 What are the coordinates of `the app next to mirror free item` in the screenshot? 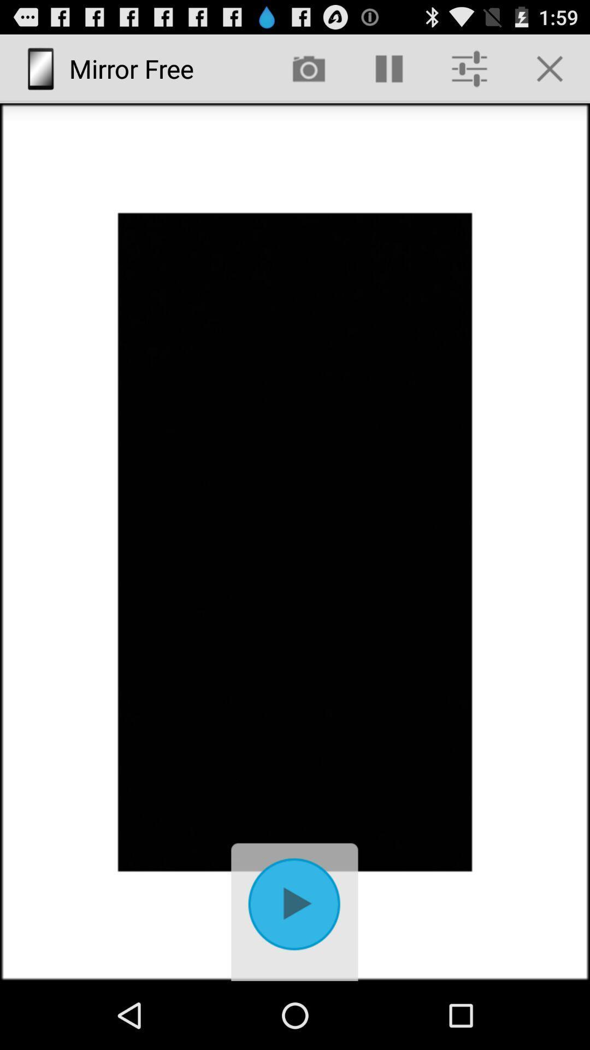 It's located at (309, 68).